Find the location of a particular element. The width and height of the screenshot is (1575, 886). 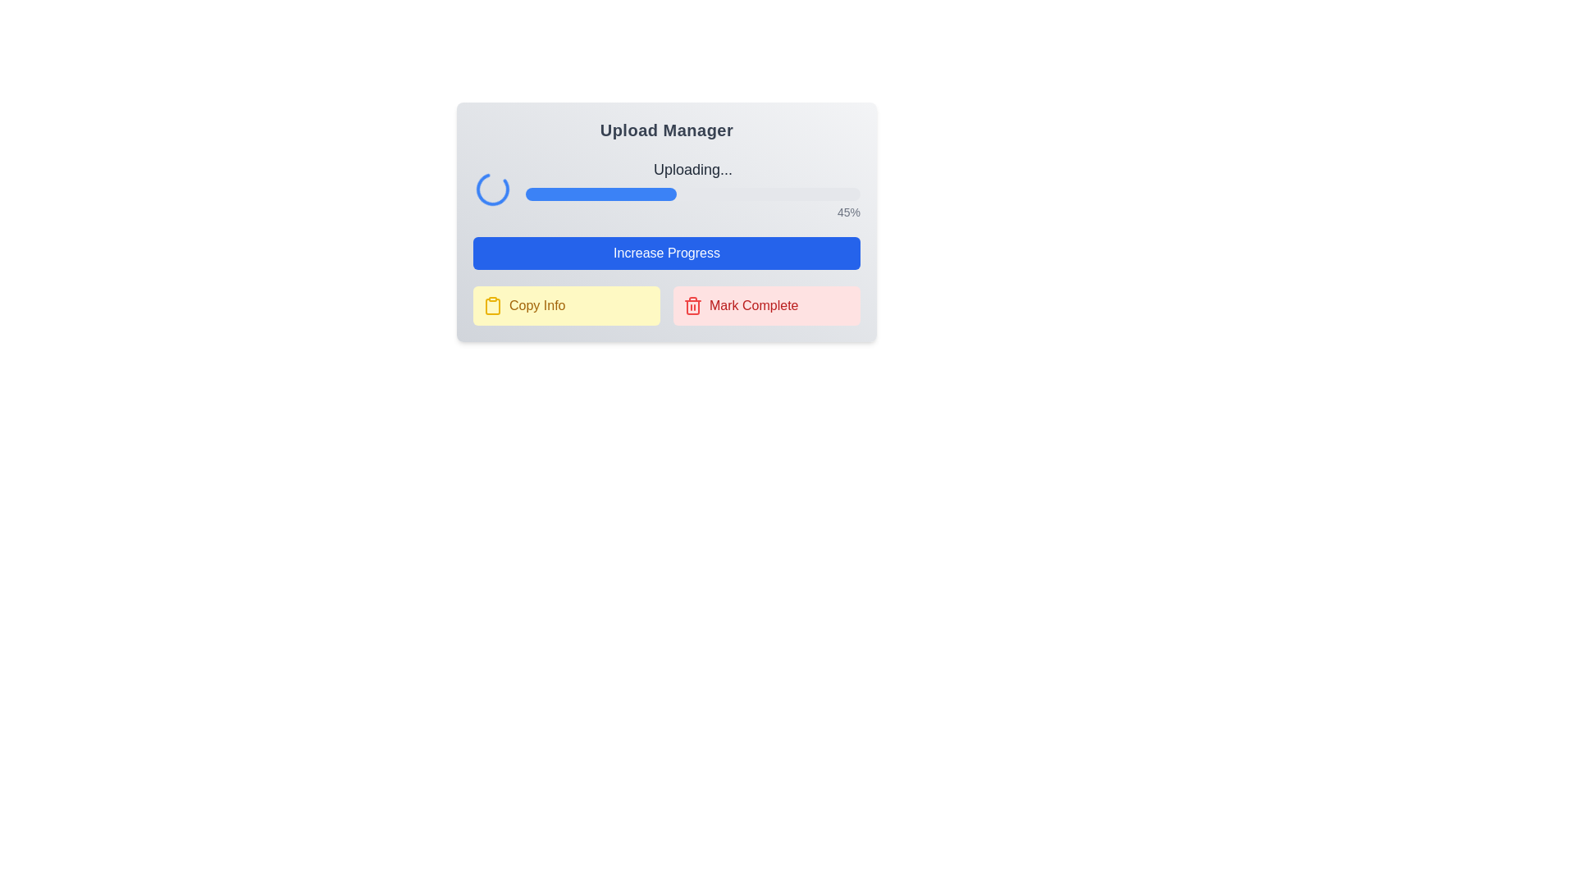

the button intended to increase the uploading progress, which is located below the uploading progress bar and above the 'Copy Info' and 'Mark Complete' buttons is located at coordinates (666, 253).